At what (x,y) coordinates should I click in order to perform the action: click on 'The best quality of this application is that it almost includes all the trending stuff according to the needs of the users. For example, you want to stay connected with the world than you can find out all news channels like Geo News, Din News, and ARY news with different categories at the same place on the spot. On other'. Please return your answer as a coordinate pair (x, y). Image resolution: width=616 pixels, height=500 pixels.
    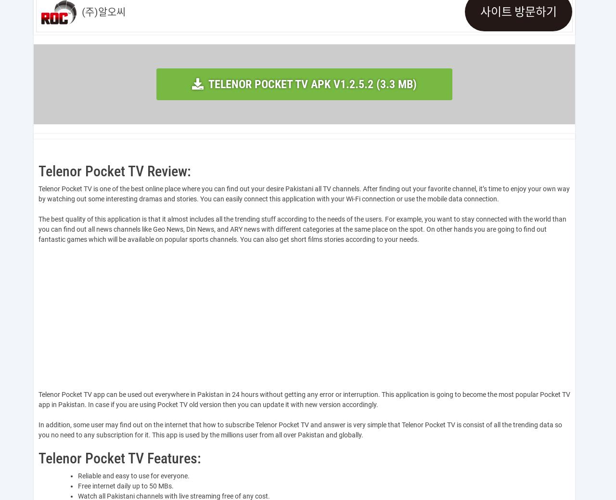
    Looking at the image, I should click on (302, 224).